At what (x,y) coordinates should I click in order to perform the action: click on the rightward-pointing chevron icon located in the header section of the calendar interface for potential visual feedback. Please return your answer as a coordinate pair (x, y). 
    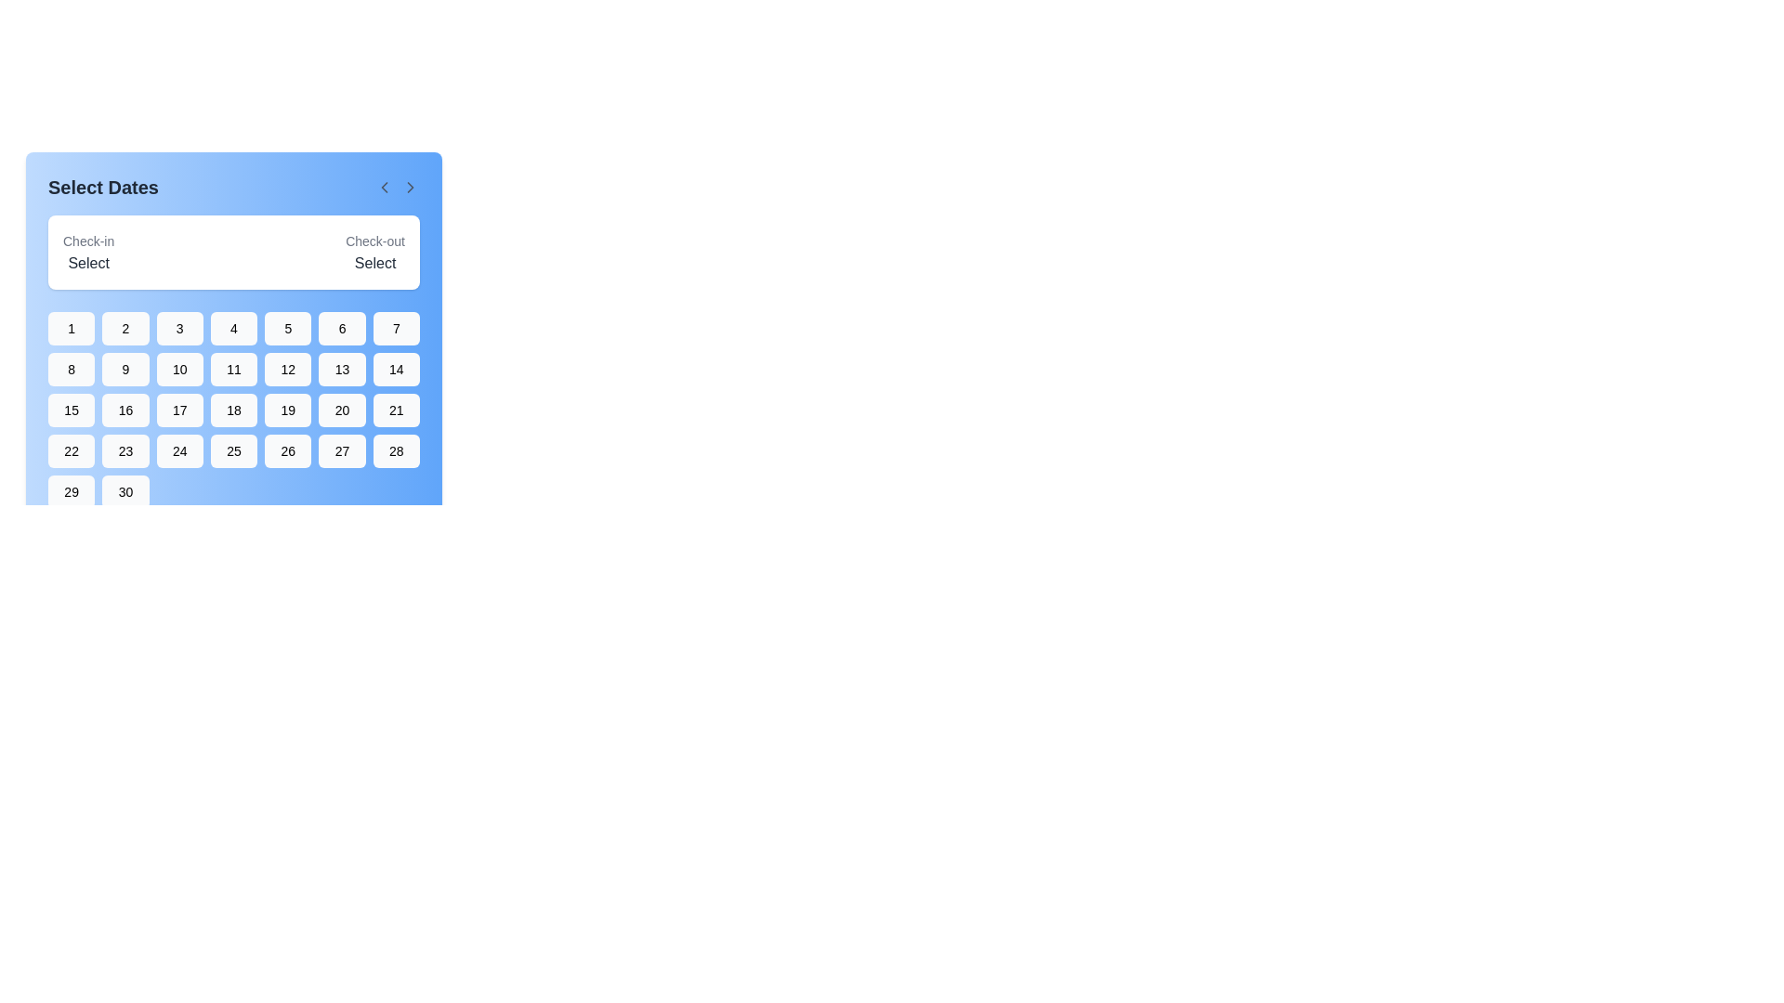
    Looking at the image, I should click on (409, 187).